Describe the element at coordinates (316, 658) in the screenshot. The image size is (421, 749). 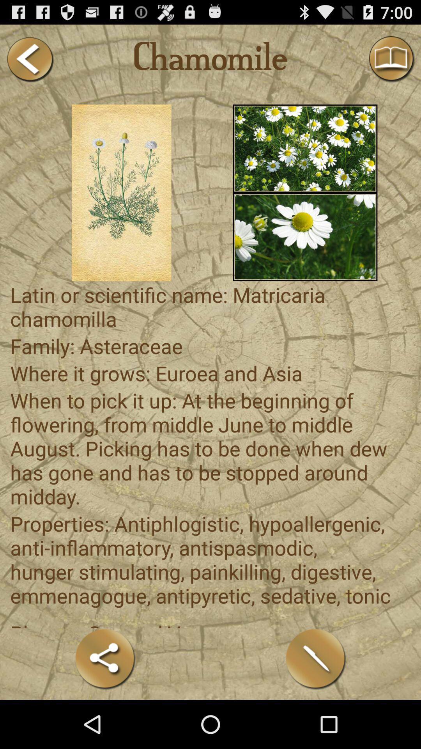
I see `the item below the planets sun and icon` at that location.